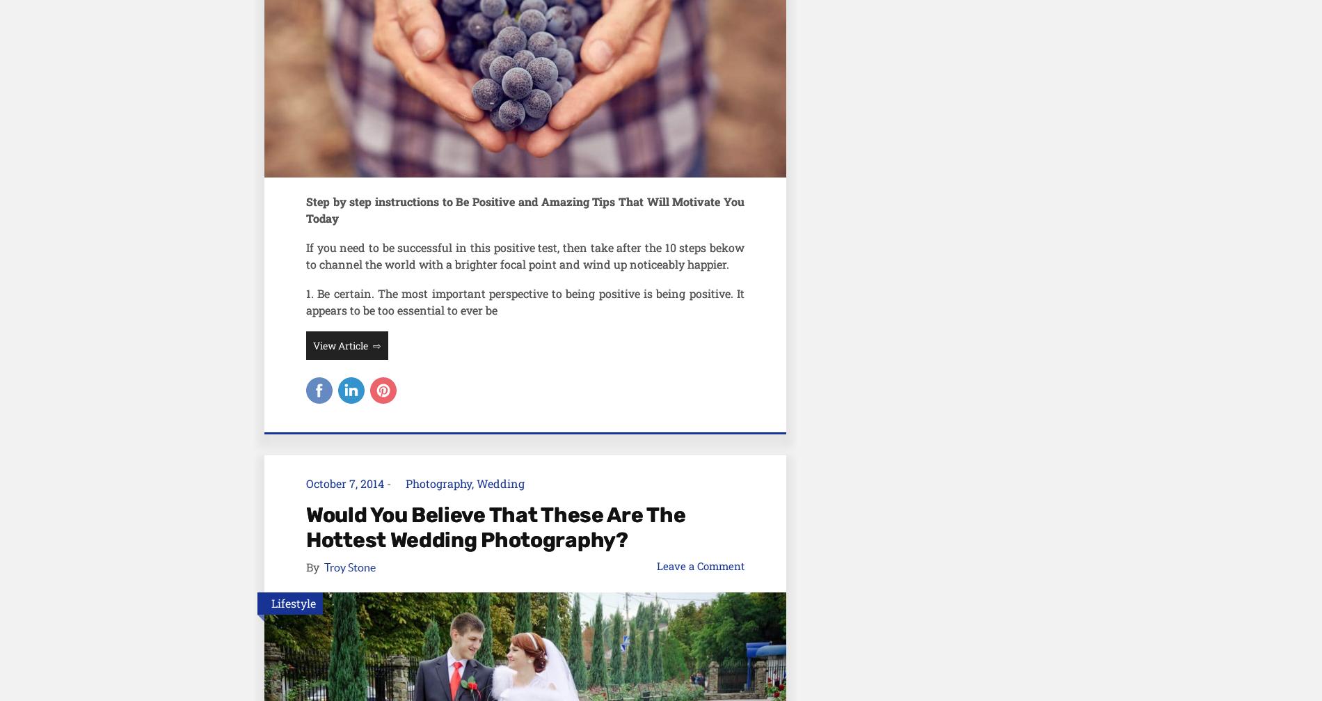 The image size is (1322, 701). Describe the element at coordinates (500, 482) in the screenshot. I see `'Wedding'` at that location.